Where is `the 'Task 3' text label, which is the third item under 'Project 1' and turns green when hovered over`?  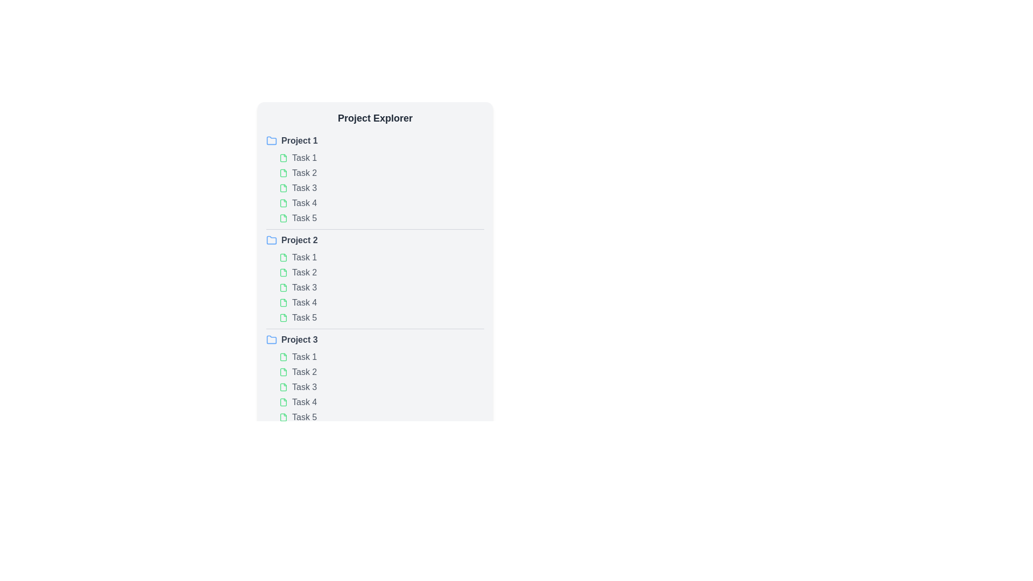 the 'Task 3' text label, which is the third item under 'Project 1' and turns green when hovered over is located at coordinates (304, 188).